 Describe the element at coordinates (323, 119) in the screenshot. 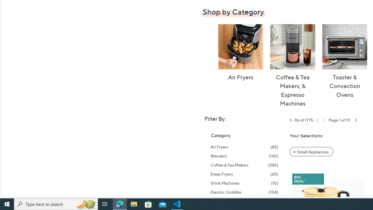

I see `'Previous Page'` at that location.